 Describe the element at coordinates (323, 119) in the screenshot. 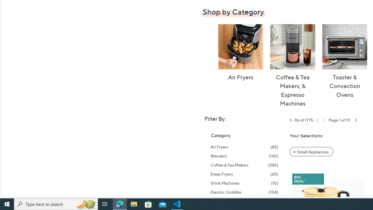

I see `'Previous Page'` at that location.